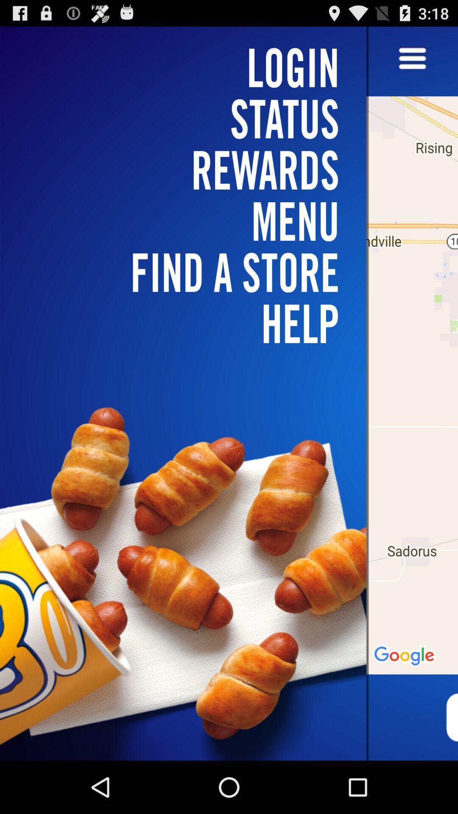 The image size is (458, 814). I want to click on the rewards icon, so click(188, 170).